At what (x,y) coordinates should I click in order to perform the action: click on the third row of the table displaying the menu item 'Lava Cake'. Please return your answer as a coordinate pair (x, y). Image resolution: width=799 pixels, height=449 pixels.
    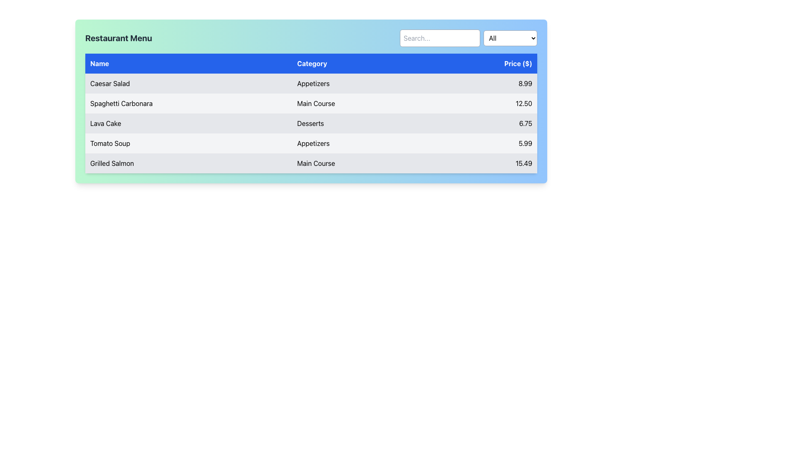
    Looking at the image, I should click on (311, 123).